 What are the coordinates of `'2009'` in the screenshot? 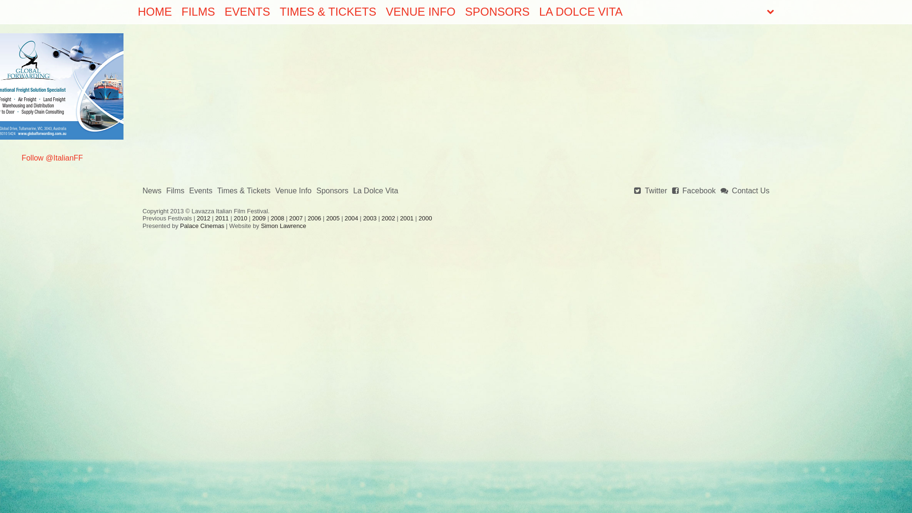 It's located at (259, 218).